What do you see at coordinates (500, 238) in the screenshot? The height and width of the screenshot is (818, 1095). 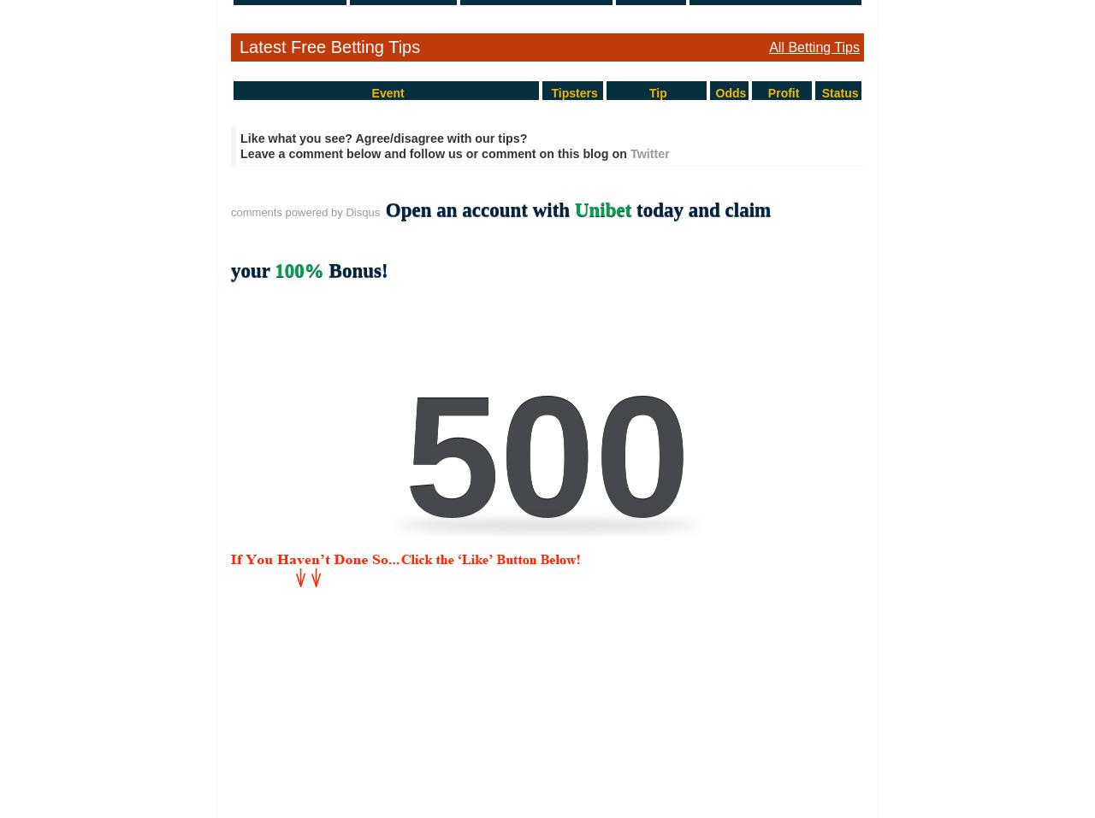 I see `'today and claim your'` at bounding box center [500, 238].